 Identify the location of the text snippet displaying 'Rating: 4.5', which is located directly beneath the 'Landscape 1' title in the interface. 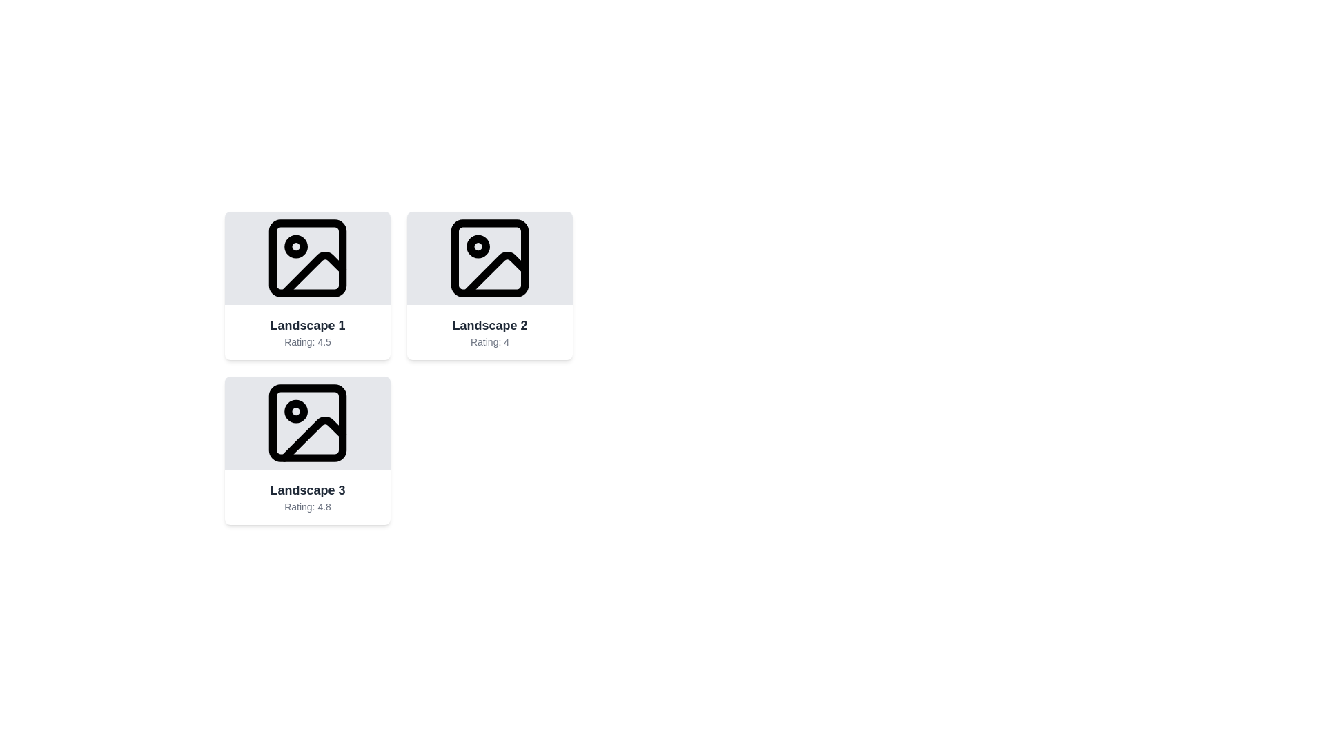
(307, 341).